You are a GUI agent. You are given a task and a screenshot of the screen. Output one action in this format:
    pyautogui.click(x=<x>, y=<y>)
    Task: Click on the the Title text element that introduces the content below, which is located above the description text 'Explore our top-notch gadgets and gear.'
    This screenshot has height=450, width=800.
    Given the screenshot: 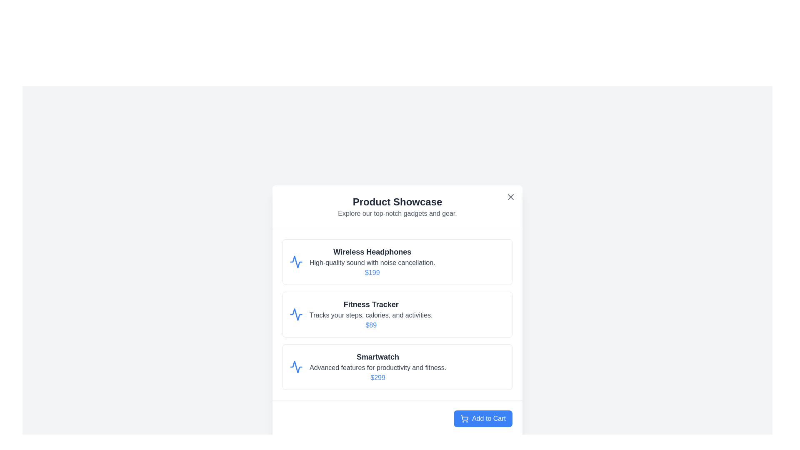 What is the action you would take?
    pyautogui.click(x=397, y=202)
    